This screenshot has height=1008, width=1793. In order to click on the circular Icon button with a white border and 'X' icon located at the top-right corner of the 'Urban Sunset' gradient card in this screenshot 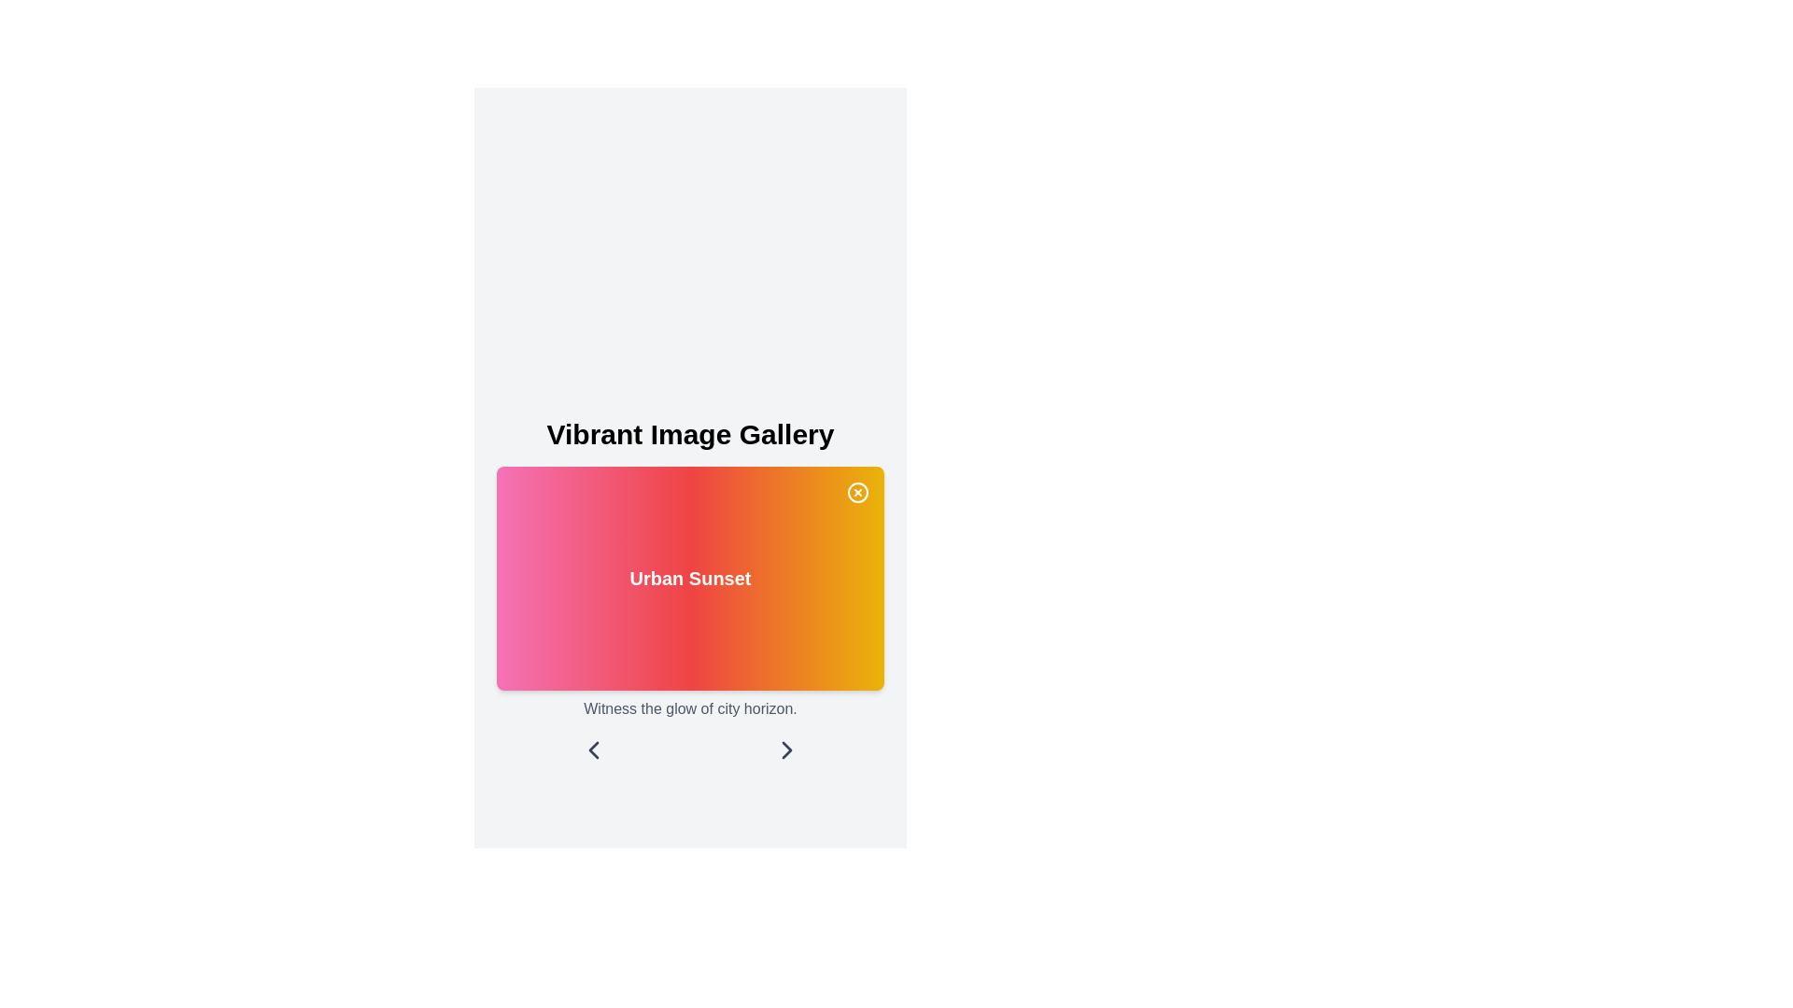, I will do `click(856, 492)`.